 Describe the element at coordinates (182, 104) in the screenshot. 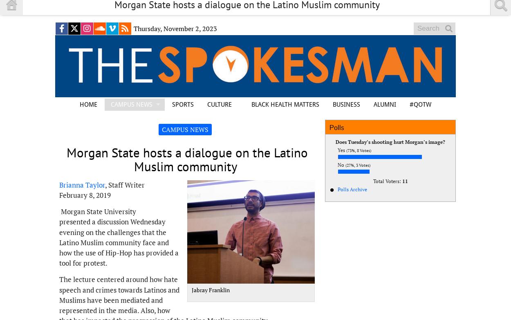

I see `'SPORTS'` at that location.